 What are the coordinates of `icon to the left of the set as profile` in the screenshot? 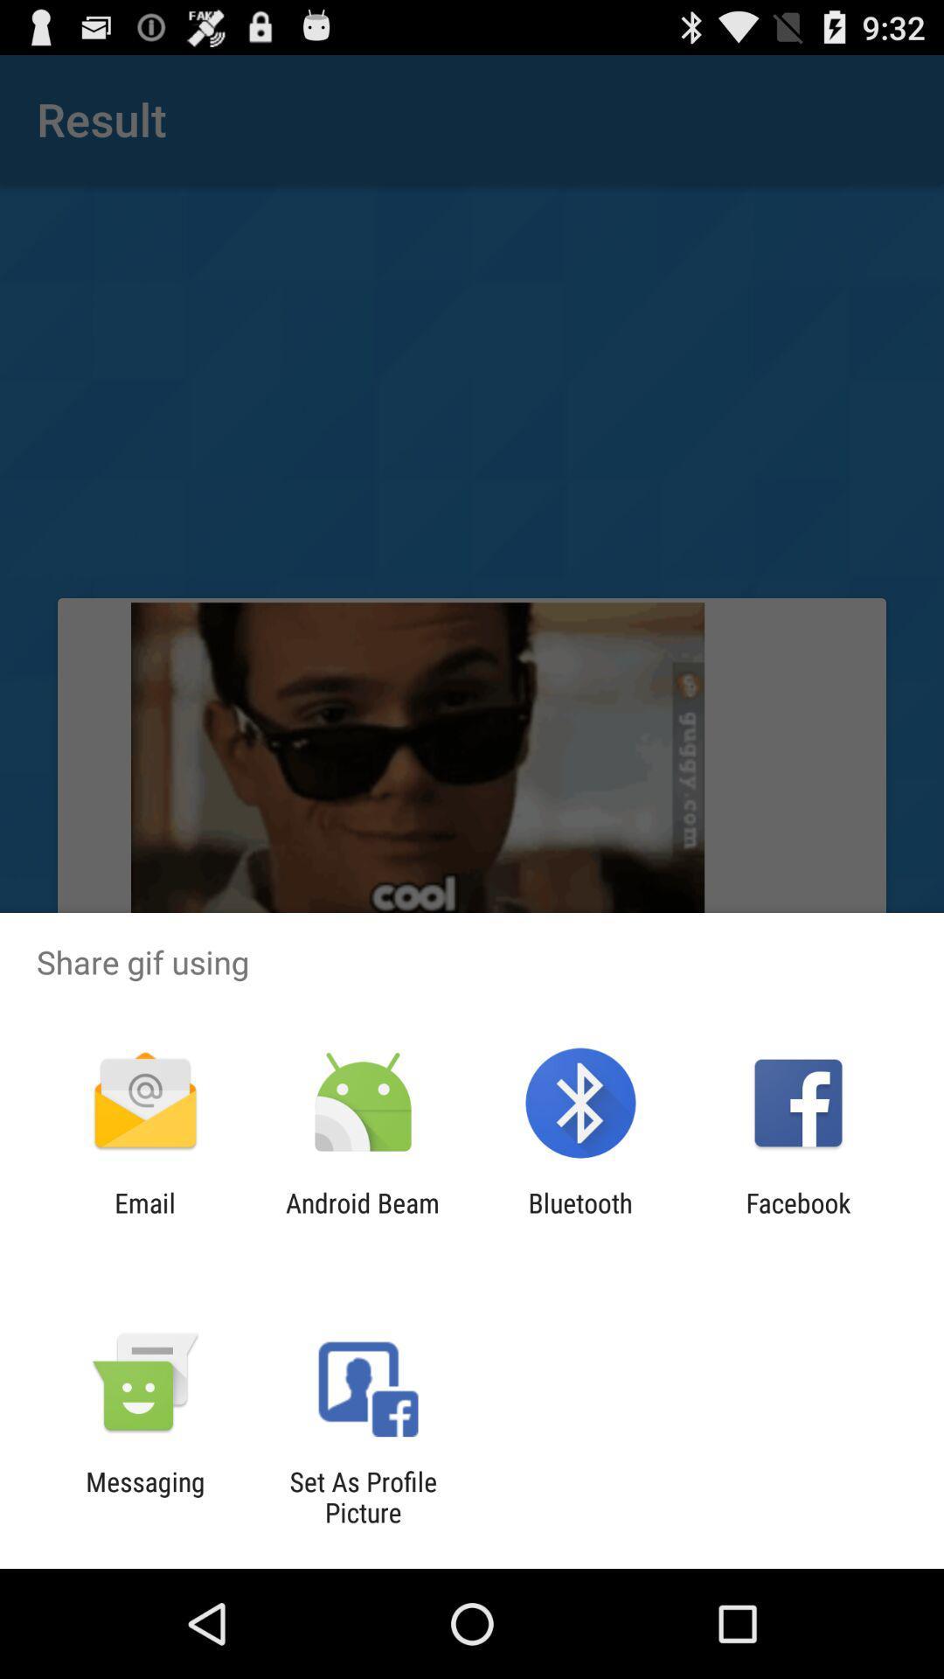 It's located at (144, 1496).